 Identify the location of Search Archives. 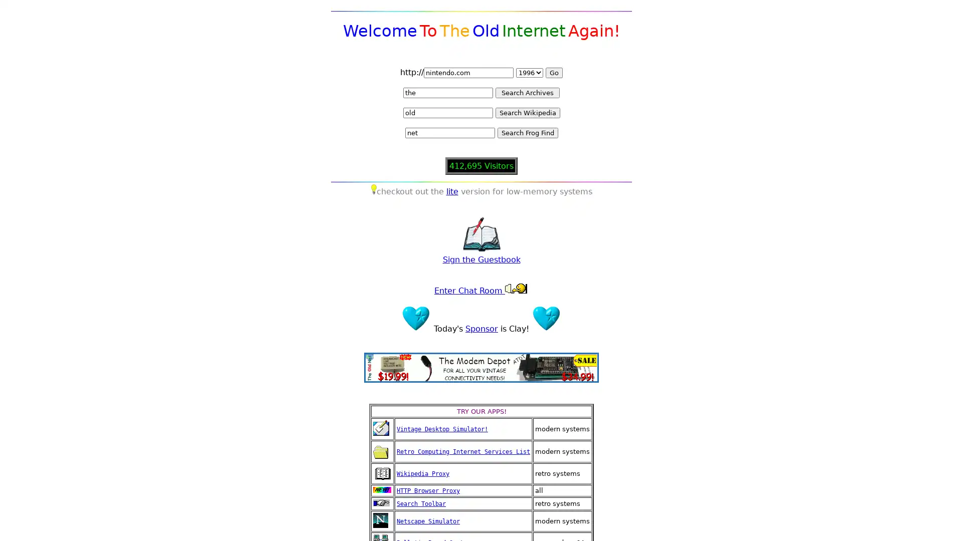
(527, 93).